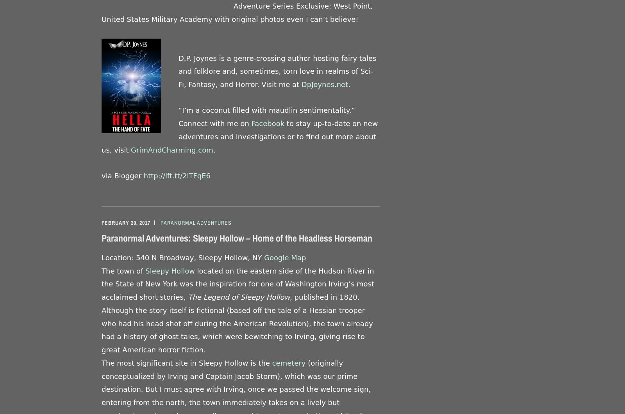 The width and height of the screenshot is (625, 414). I want to click on 'Location: 540 N Broadway, Sleepy Hollow, NY', so click(182, 257).